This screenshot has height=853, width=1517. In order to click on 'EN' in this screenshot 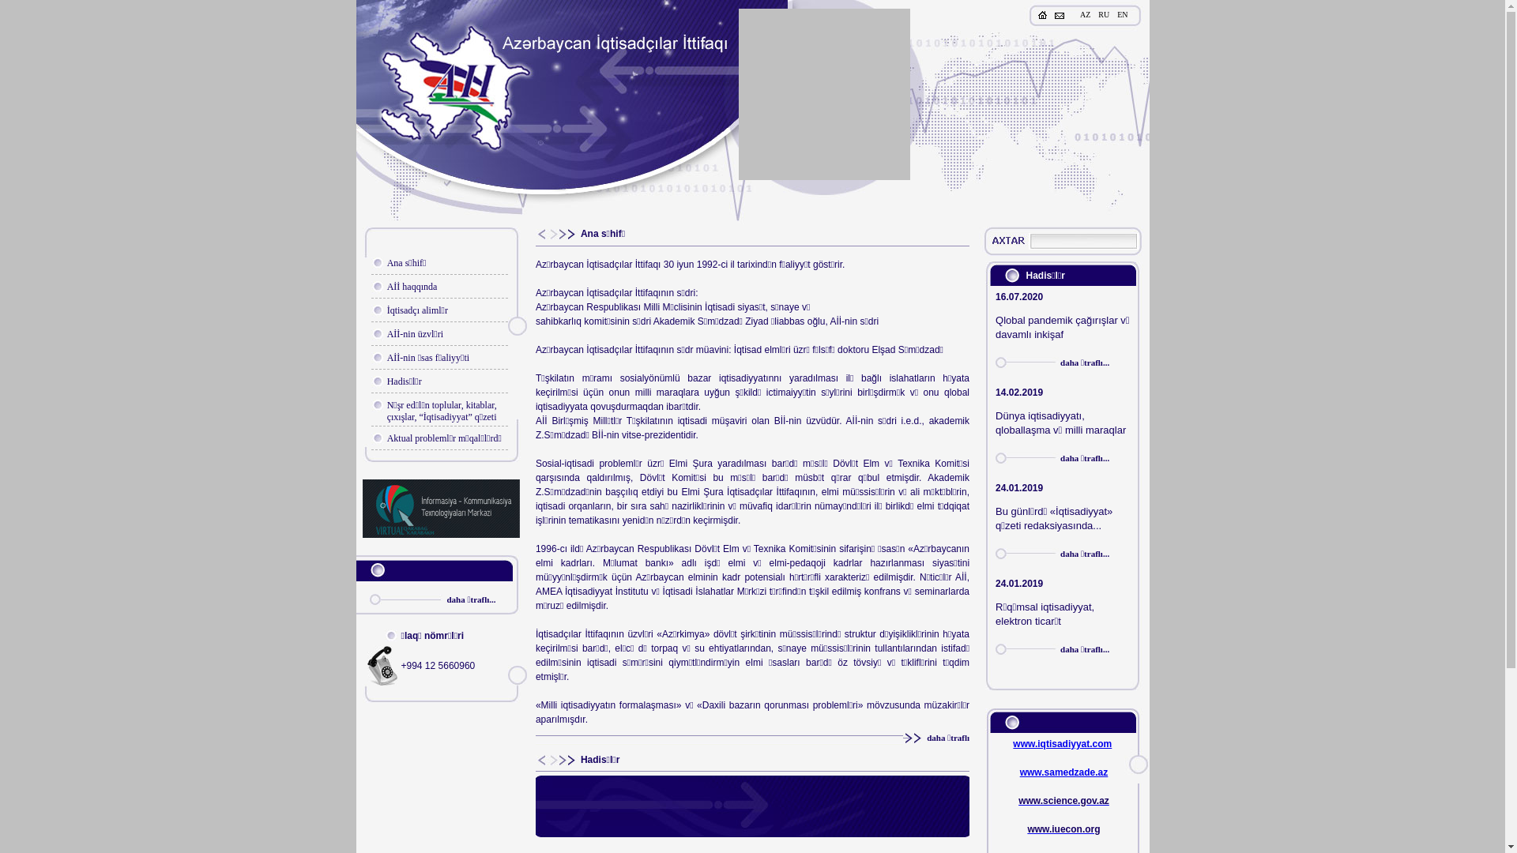, I will do `click(1121, 14)`.